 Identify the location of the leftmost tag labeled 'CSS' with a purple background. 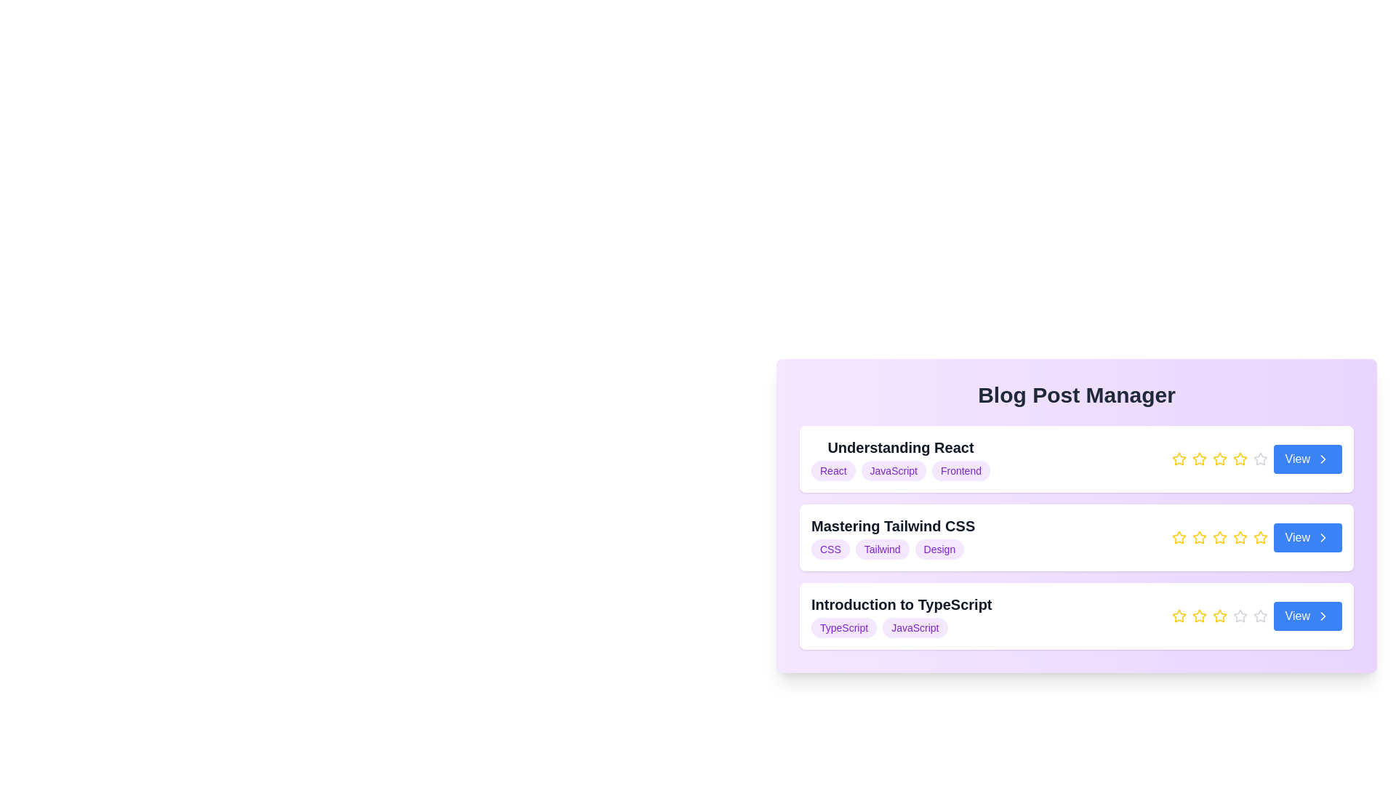
(830, 549).